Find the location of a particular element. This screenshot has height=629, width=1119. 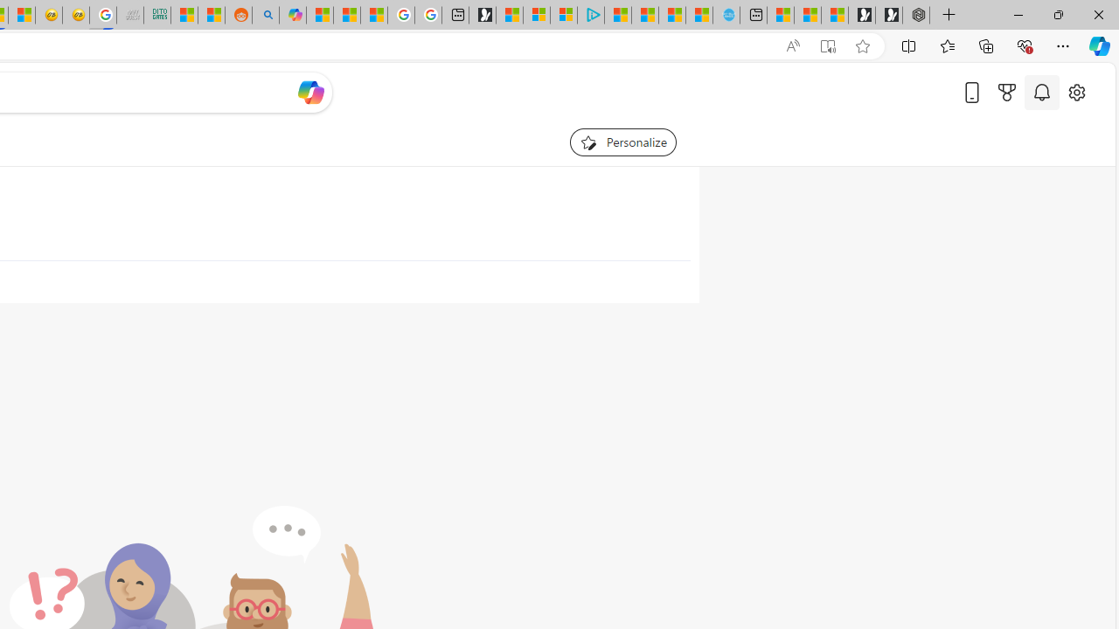

'DITOGAMES AG Imprint' is located at coordinates (156, 15).